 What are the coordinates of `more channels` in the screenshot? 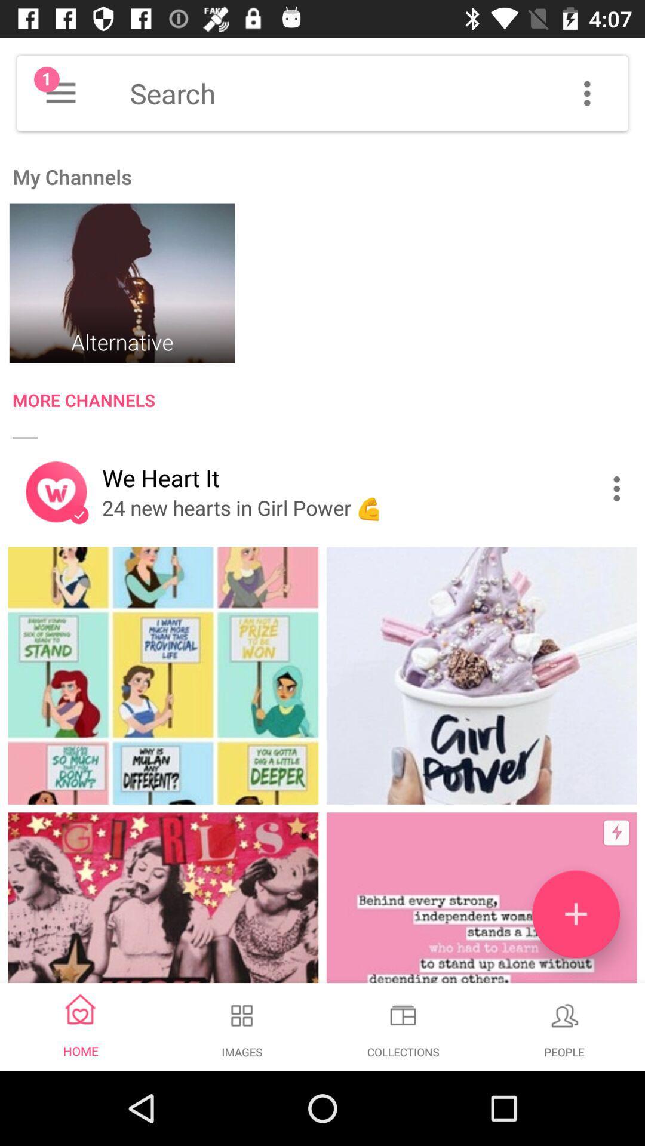 It's located at (328, 403).